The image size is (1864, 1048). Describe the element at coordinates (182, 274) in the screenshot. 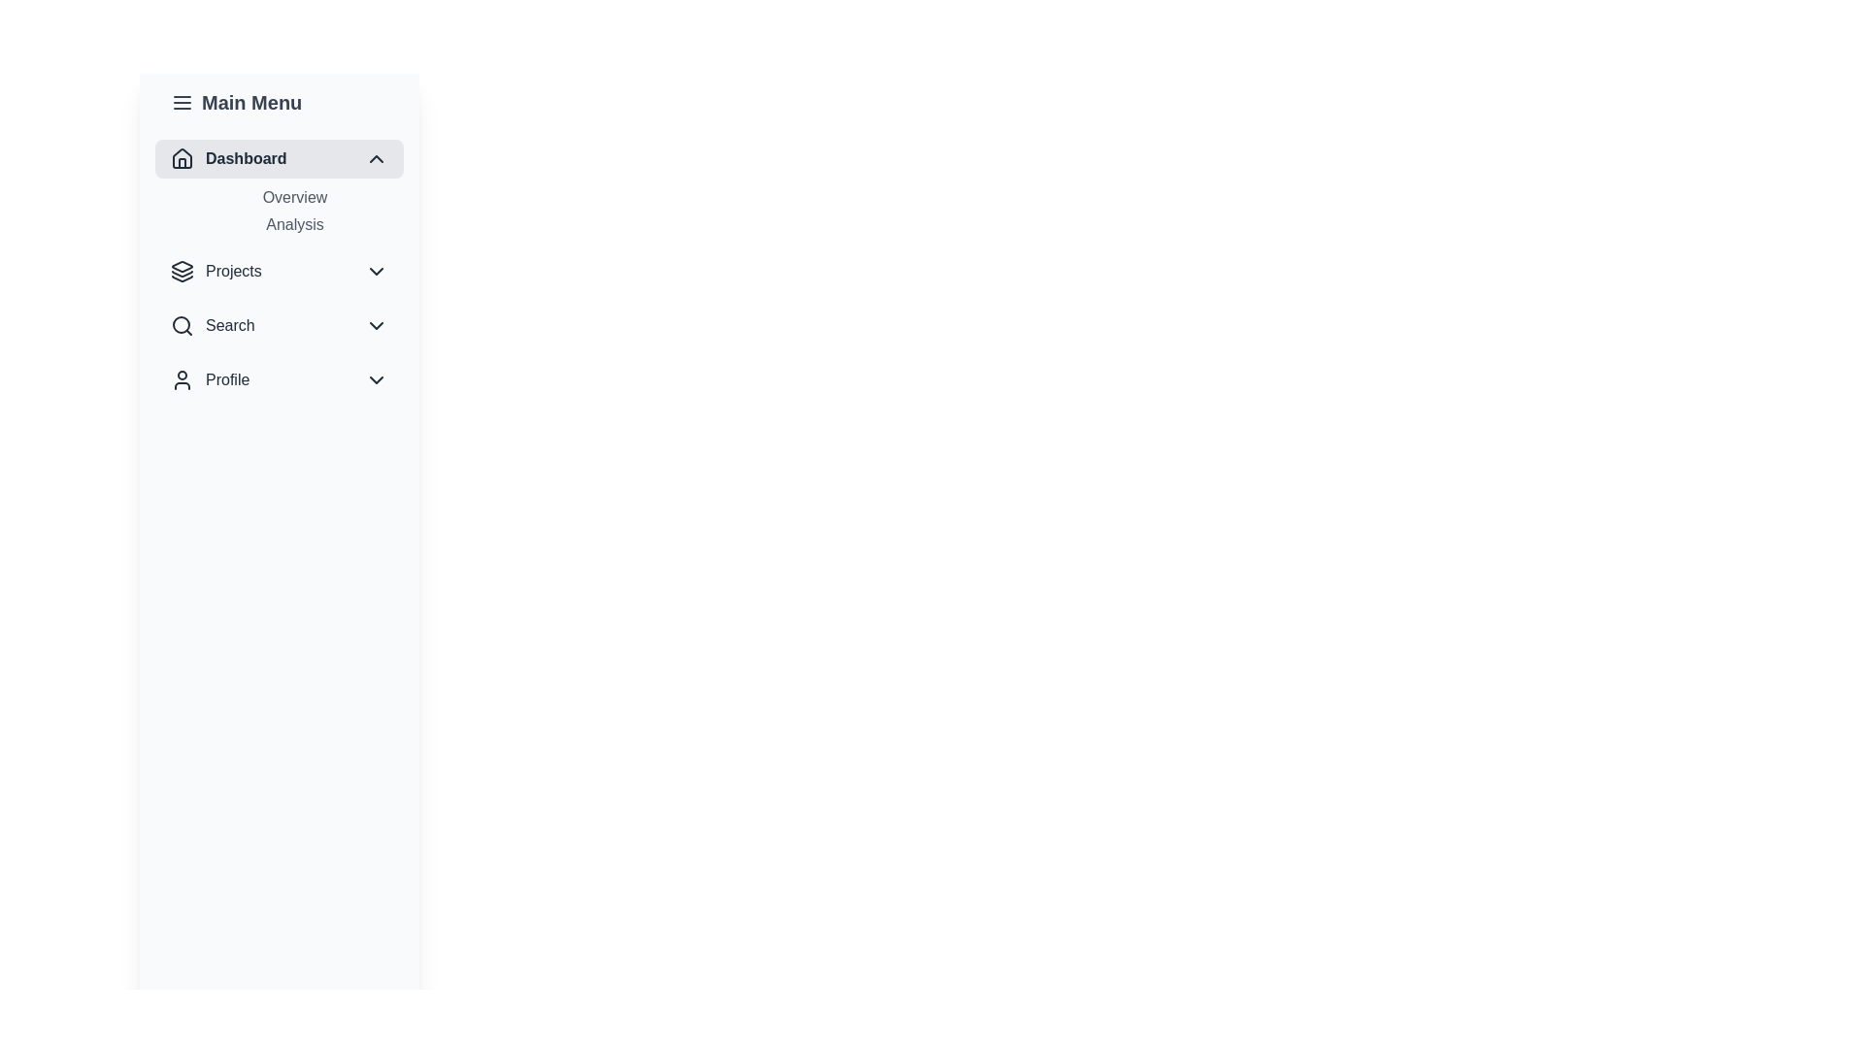

I see `the middle layer of the three parallel shapes forming the icon in the 'Projects' menu item in the sidebar` at that location.